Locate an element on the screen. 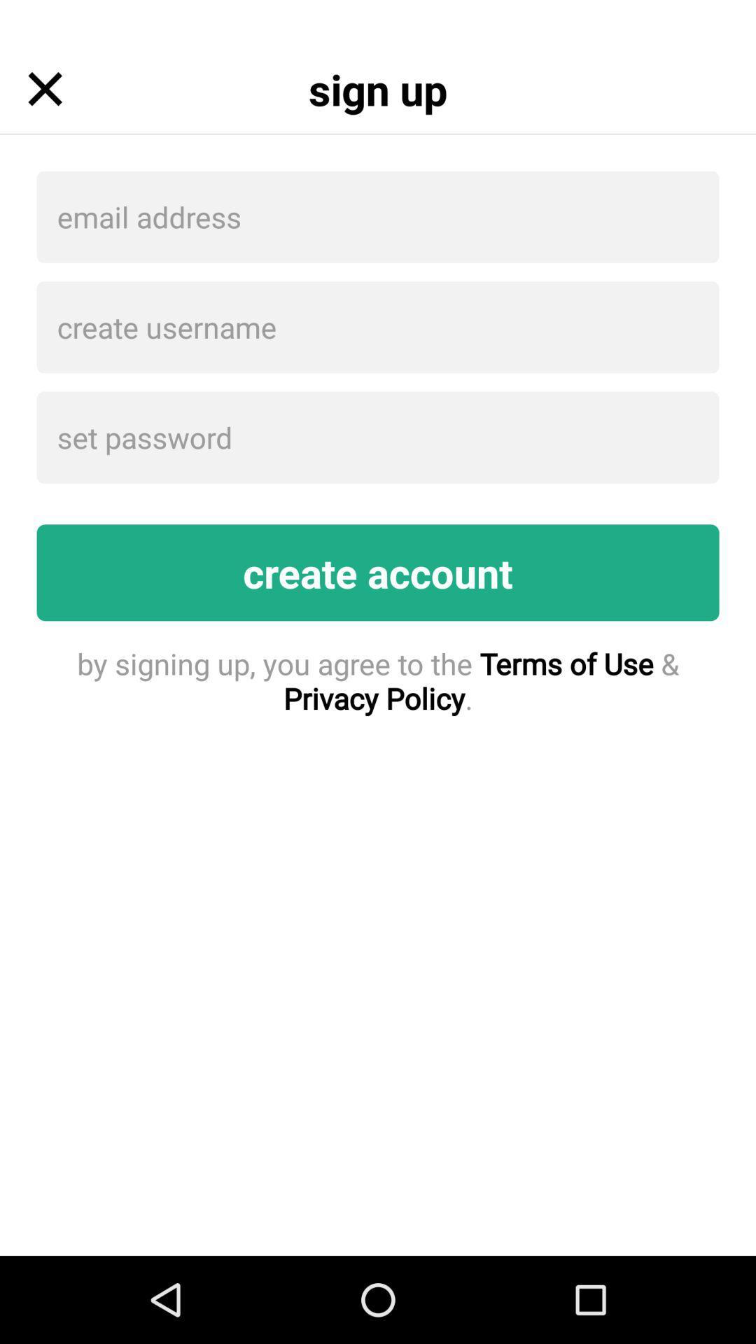 The width and height of the screenshot is (756, 1344). item below the sign up item is located at coordinates (378, 216).